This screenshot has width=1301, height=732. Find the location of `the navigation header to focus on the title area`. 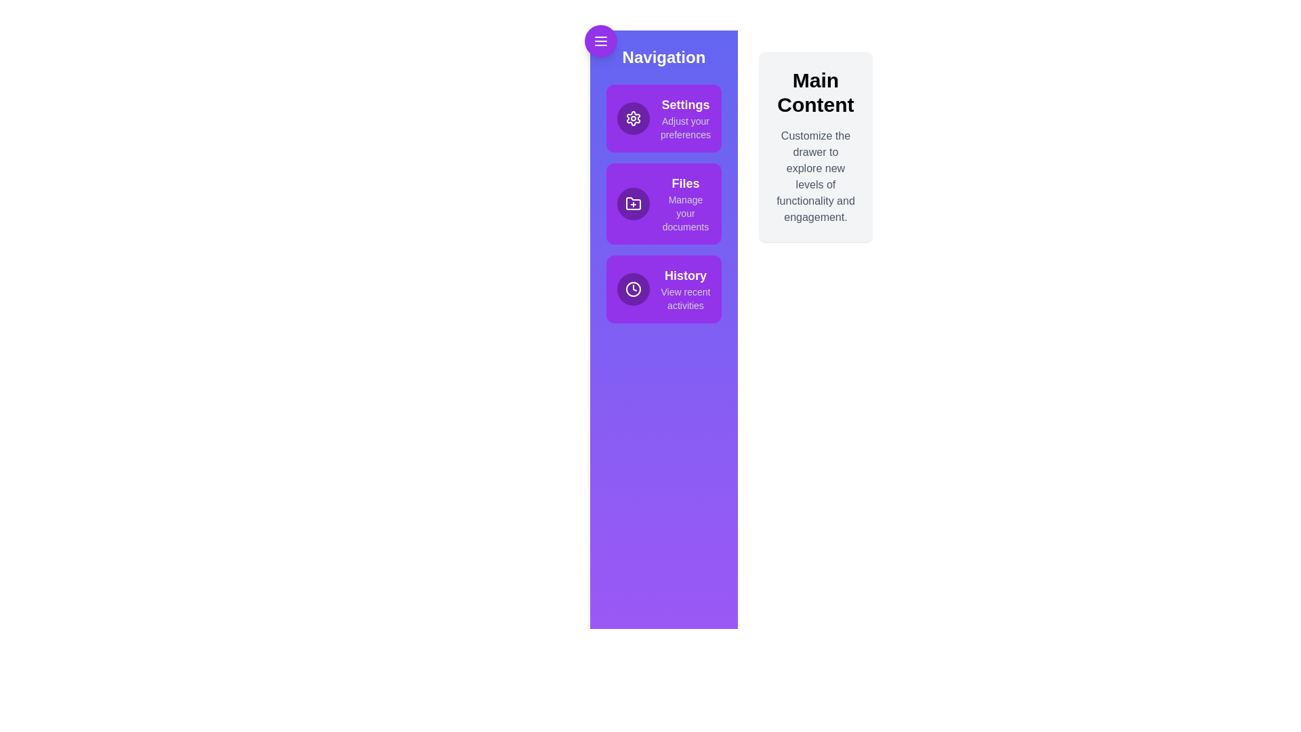

the navigation header to focus on the title area is located at coordinates (663, 56).